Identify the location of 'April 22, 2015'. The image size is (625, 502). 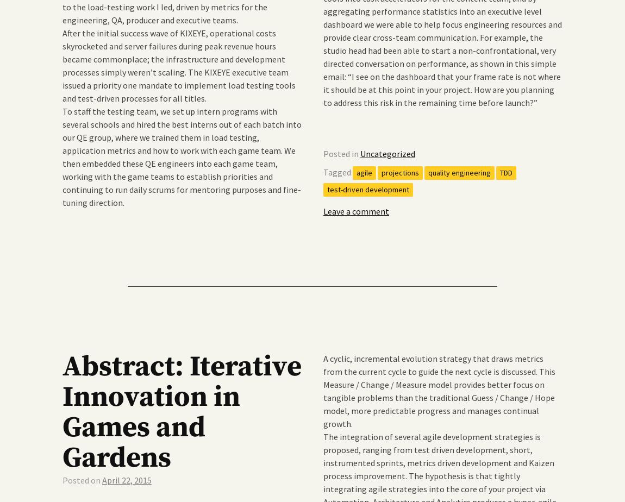
(126, 479).